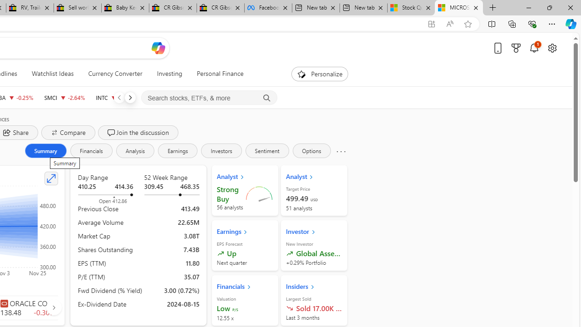 This screenshot has height=327, width=581. Describe the element at coordinates (91, 150) in the screenshot. I see `'Financials'` at that location.